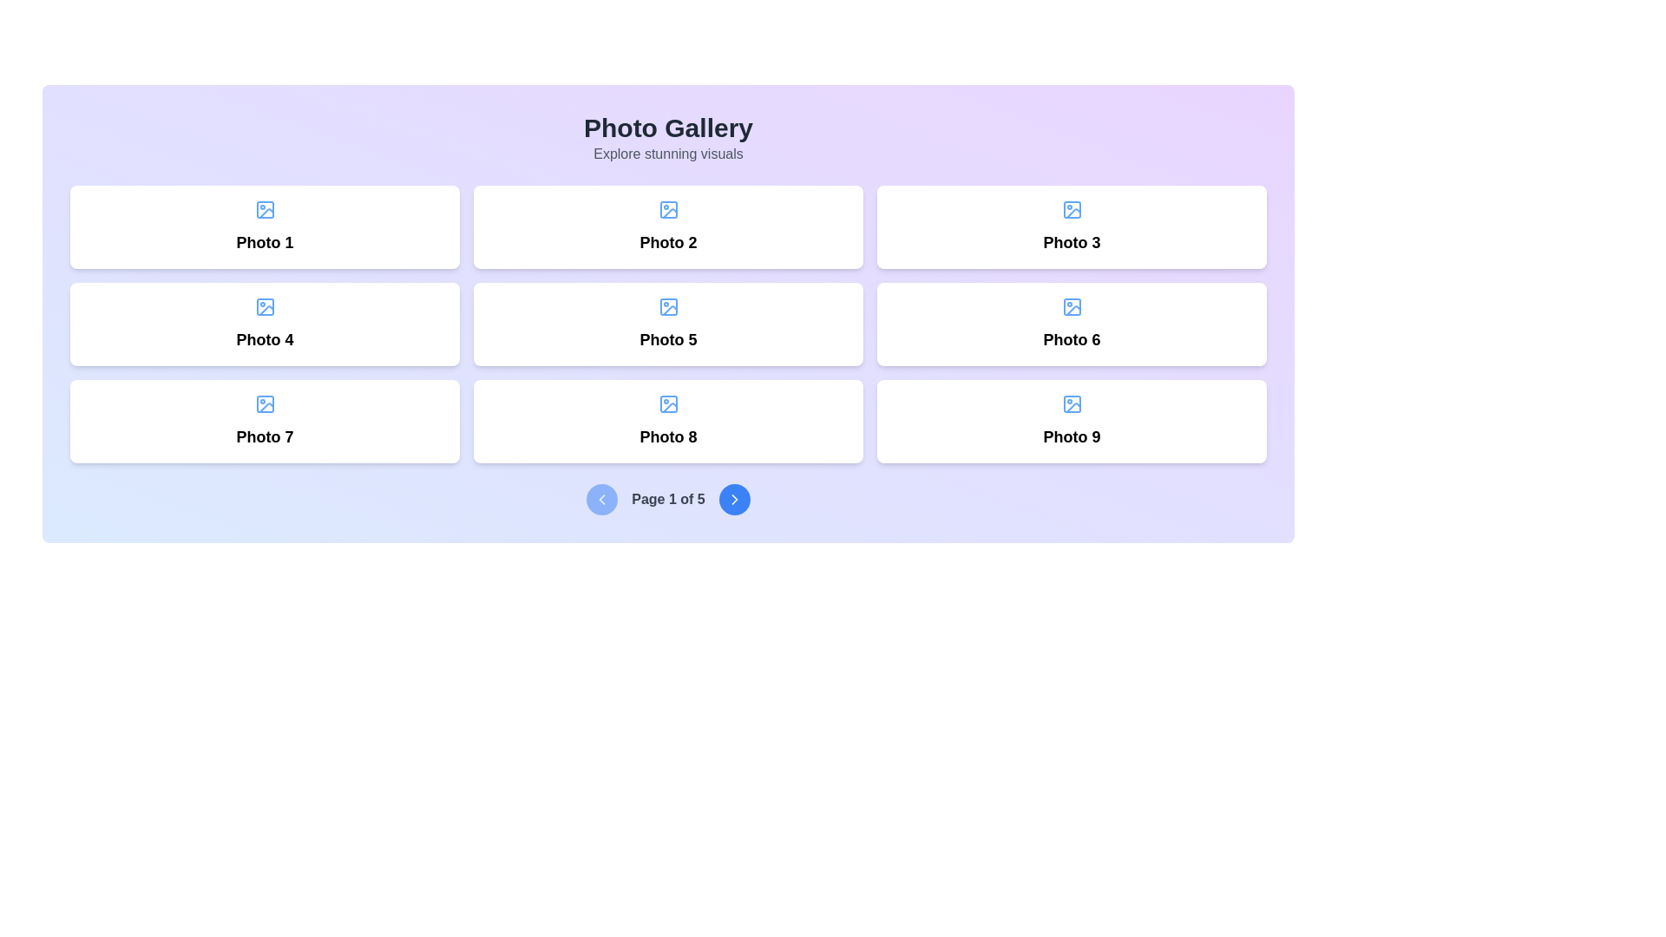  I want to click on text label that identifies the photo in the second column of the second row in the three-by-three grid of thumbnails, so click(264, 340).